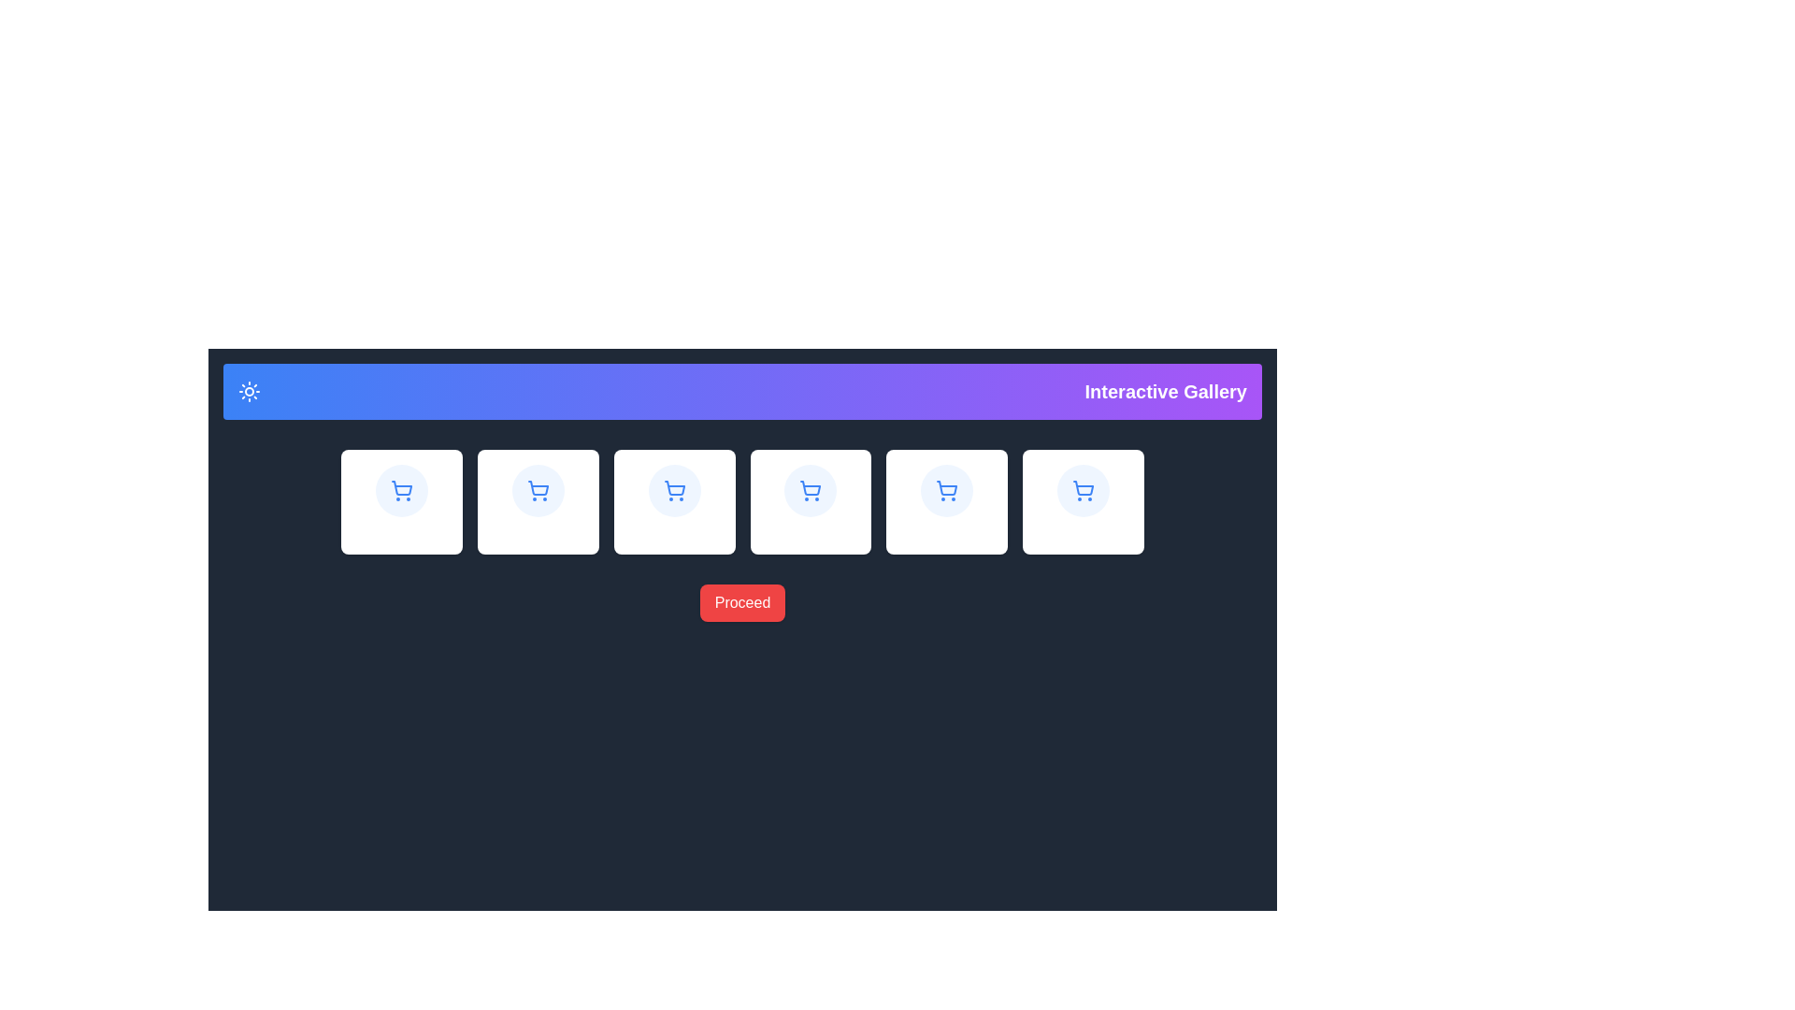 This screenshot has height=1010, width=1795. I want to click on the third button in the horizontal grid of interactive shopping buttons, so click(537, 489).